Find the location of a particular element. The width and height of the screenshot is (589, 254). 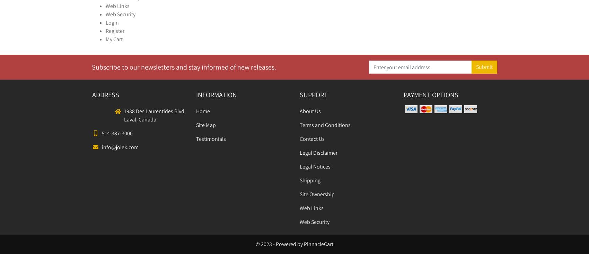

'About Us' is located at coordinates (310, 111).